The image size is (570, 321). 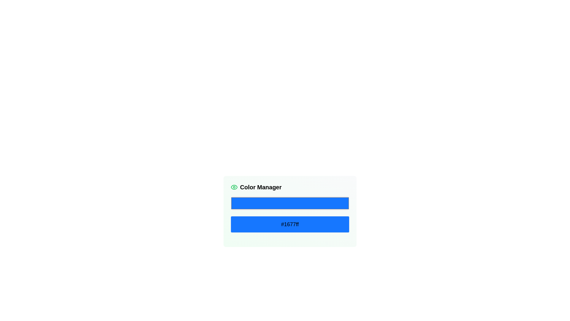 What do you see at coordinates (234, 187) in the screenshot?
I see `the green eye-shaped icon located to the left of the 'Color Manager' text` at bounding box center [234, 187].